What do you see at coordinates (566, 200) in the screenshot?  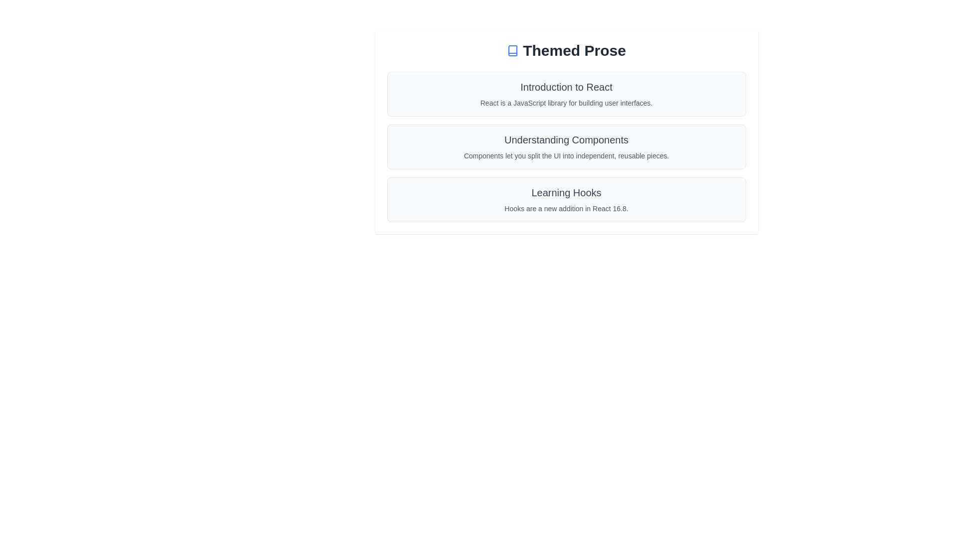 I see `the informational card about hooks in React for navigation or interaction` at bounding box center [566, 200].